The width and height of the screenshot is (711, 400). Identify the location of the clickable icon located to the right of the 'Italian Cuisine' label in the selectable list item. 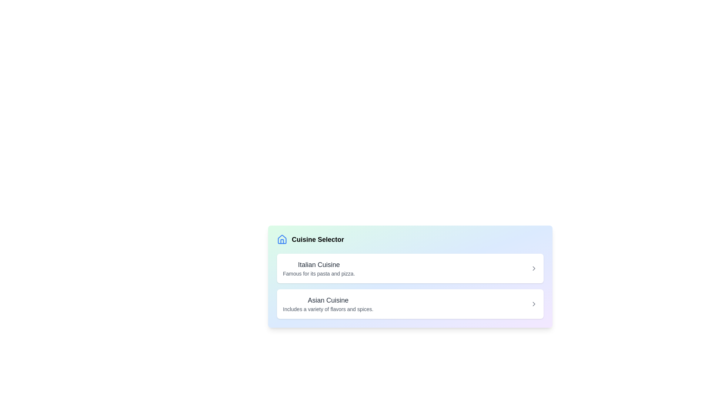
(534, 269).